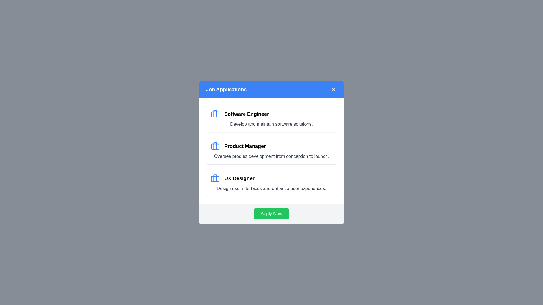 The image size is (543, 305). I want to click on the text element displaying the description 'Design user interfaces and enhance user experiences.' positioned below the bold 'UX Designer' title to check for tooltips, so click(271, 188).